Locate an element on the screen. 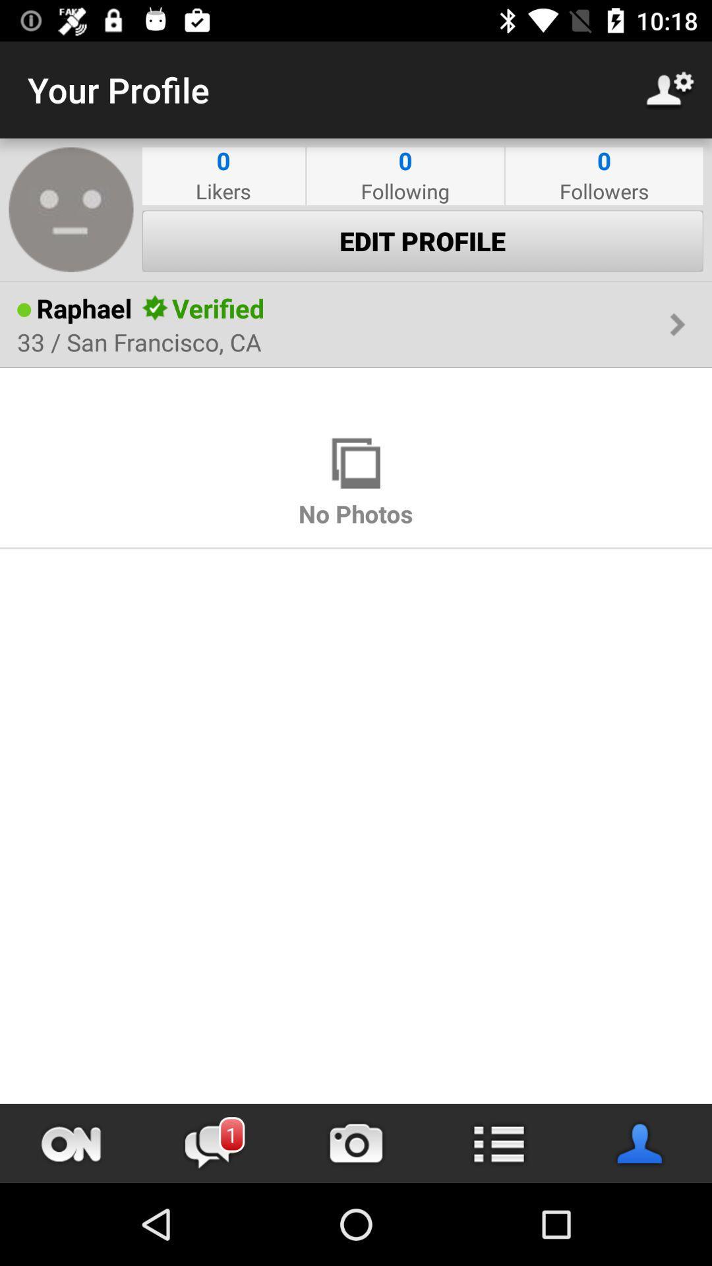 The height and width of the screenshot is (1266, 712). raphael is located at coordinates (84, 307).